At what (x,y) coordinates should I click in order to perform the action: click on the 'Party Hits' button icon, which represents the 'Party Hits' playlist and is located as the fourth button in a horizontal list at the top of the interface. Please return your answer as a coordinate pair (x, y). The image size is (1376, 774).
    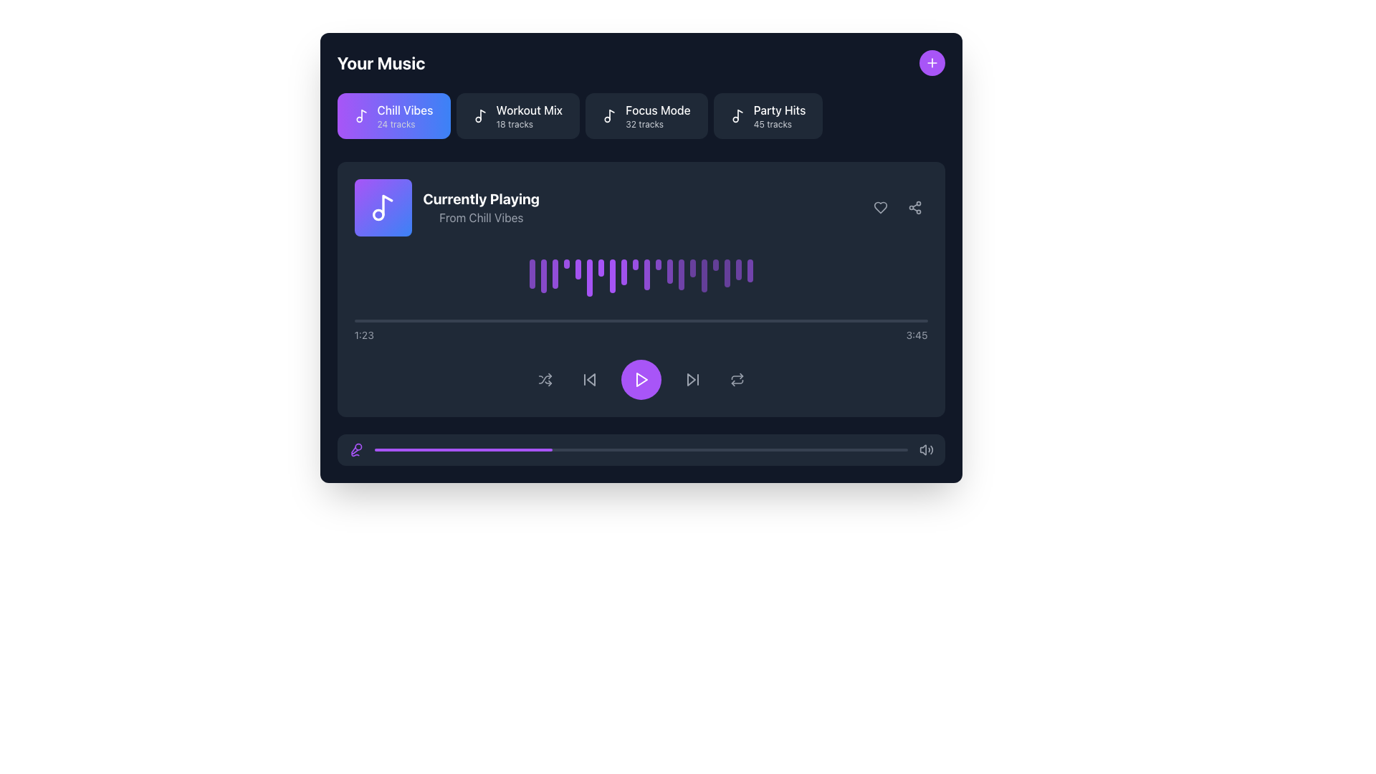
    Looking at the image, I should click on (737, 115).